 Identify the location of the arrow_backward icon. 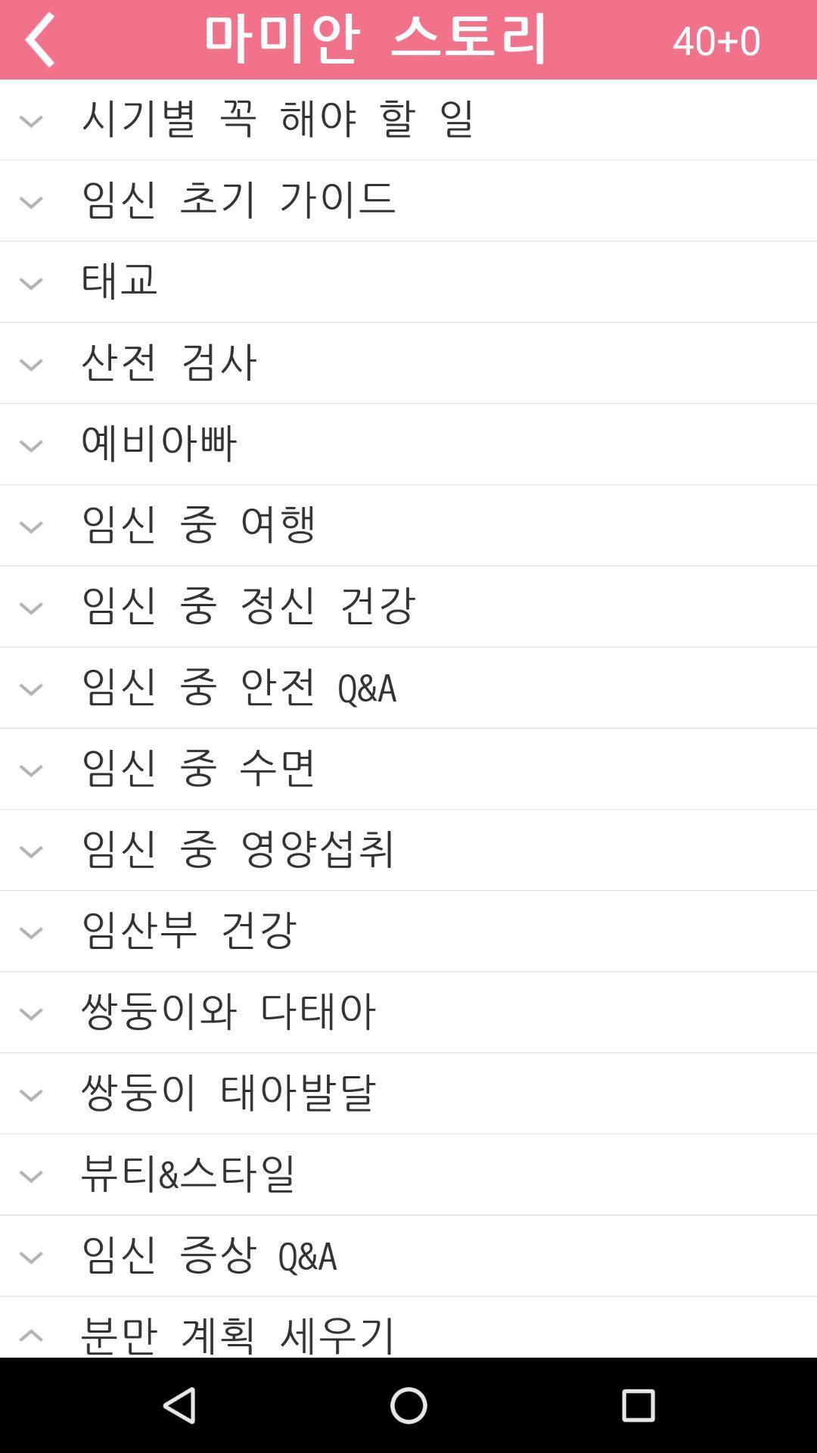
(39, 42).